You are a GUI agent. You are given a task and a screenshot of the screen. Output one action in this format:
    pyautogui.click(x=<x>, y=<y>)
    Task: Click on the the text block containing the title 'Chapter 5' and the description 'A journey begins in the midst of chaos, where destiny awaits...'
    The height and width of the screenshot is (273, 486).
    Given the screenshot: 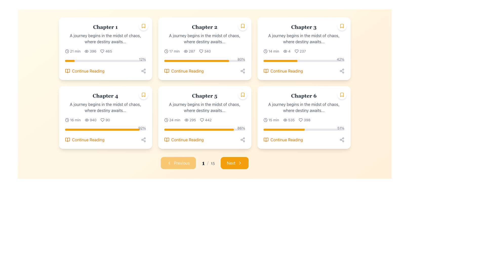 What is the action you would take?
    pyautogui.click(x=205, y=103)
    